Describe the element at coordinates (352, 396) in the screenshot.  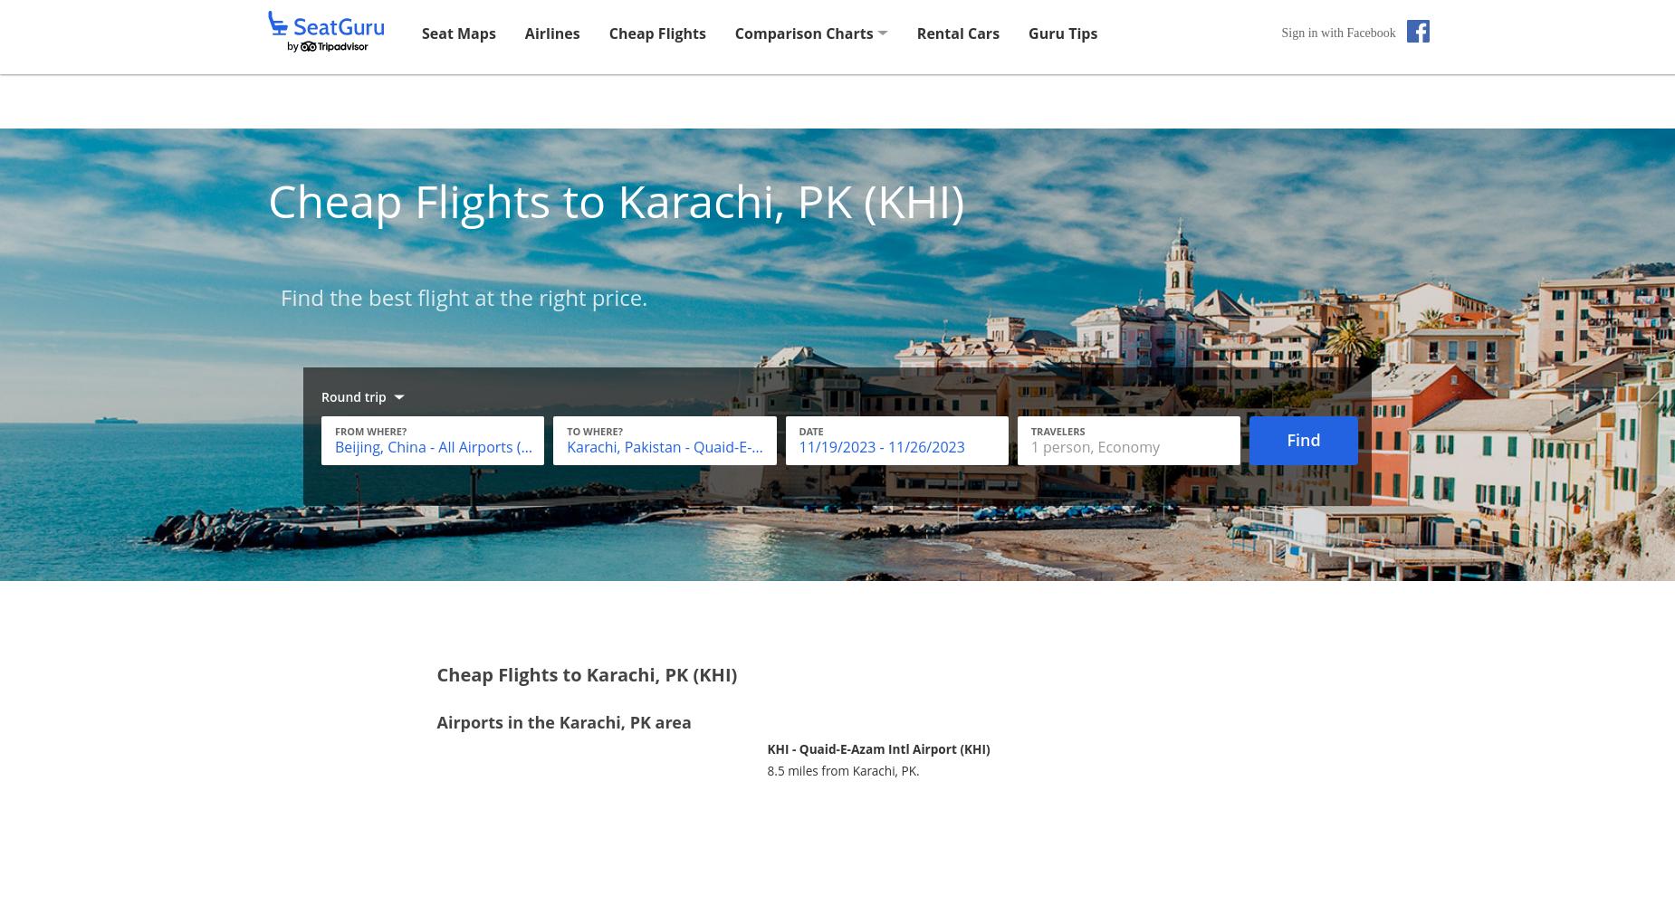
I see `'Round trip'` at that location.